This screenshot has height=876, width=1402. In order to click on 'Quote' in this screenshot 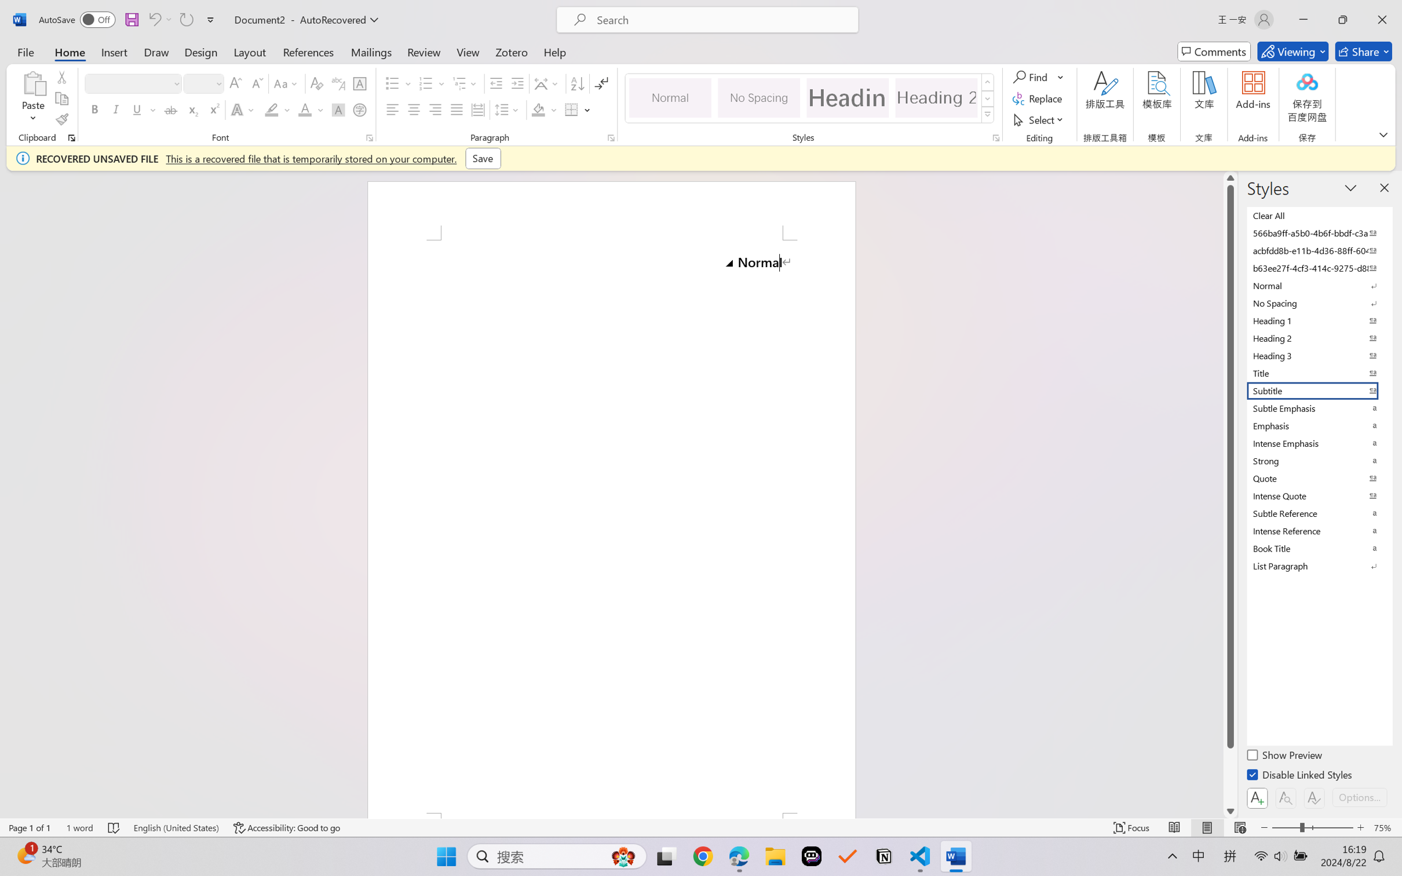, I will do `click(1318, 477)`.